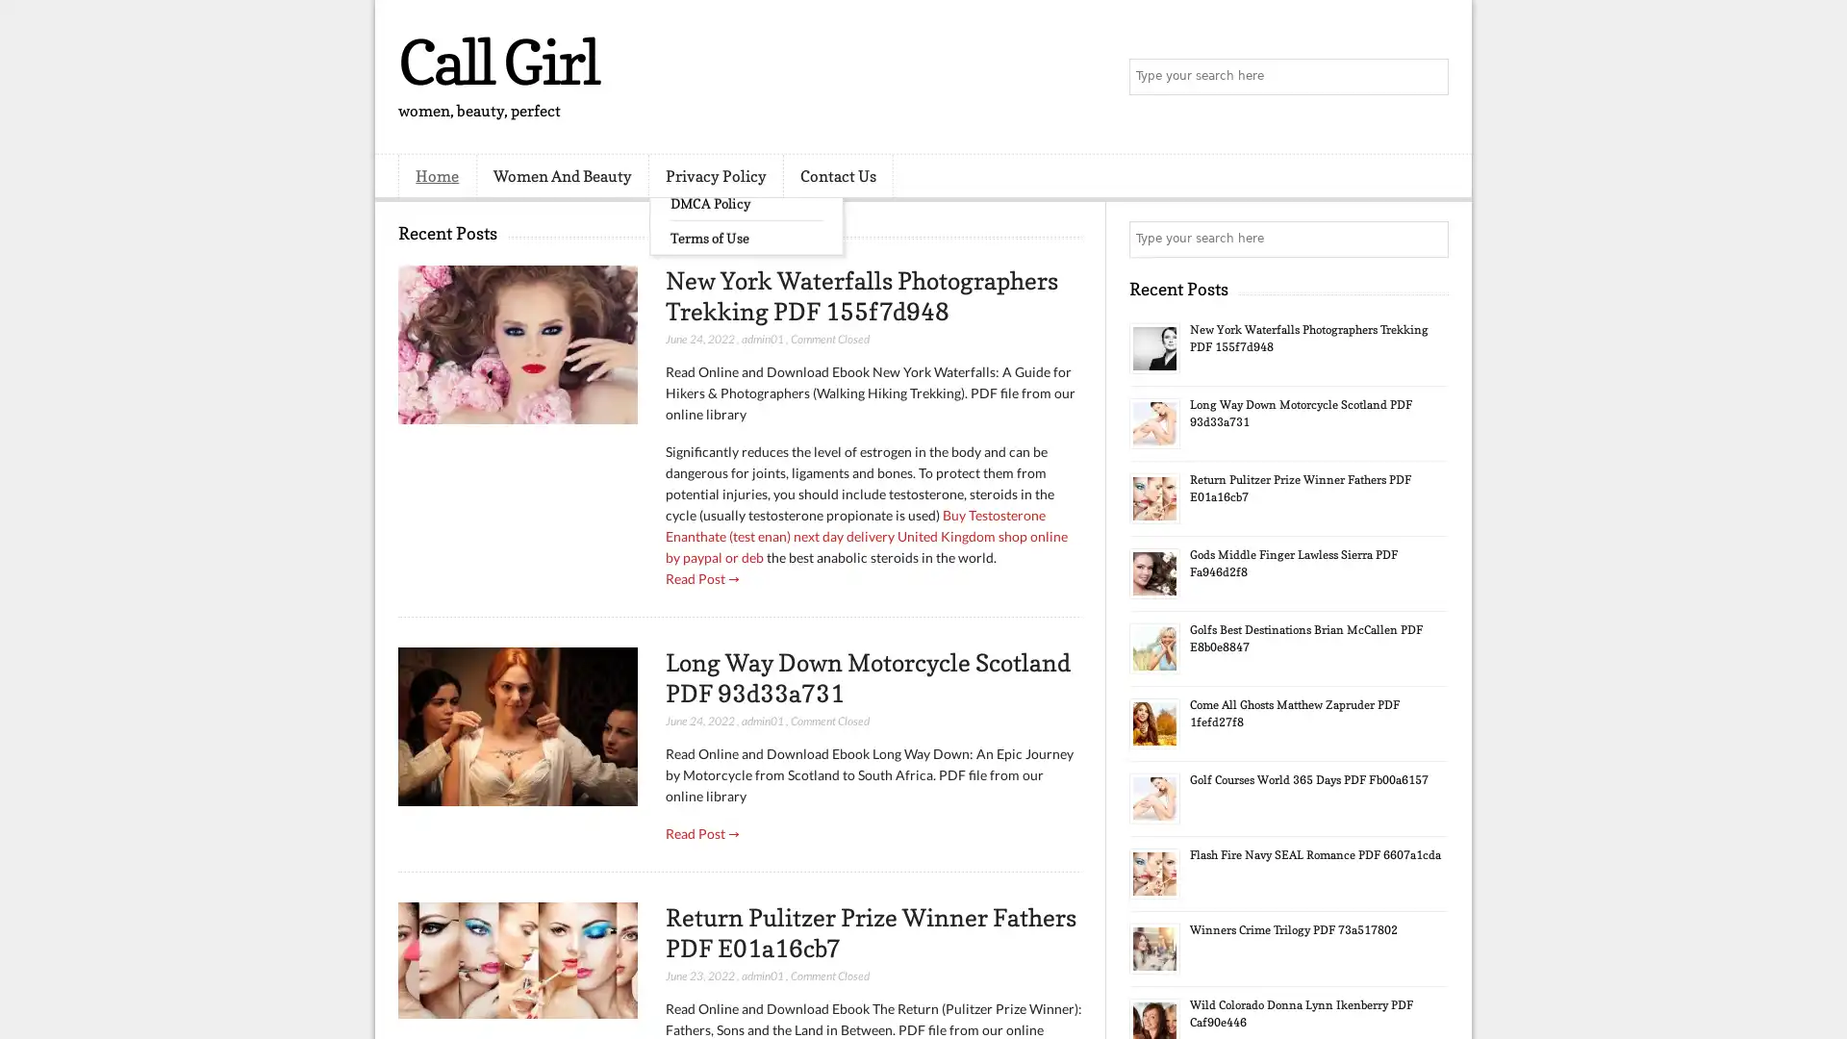 The width and height of the screenshot is (1847, 1039). I want to click on Search, so click(1429, 77).